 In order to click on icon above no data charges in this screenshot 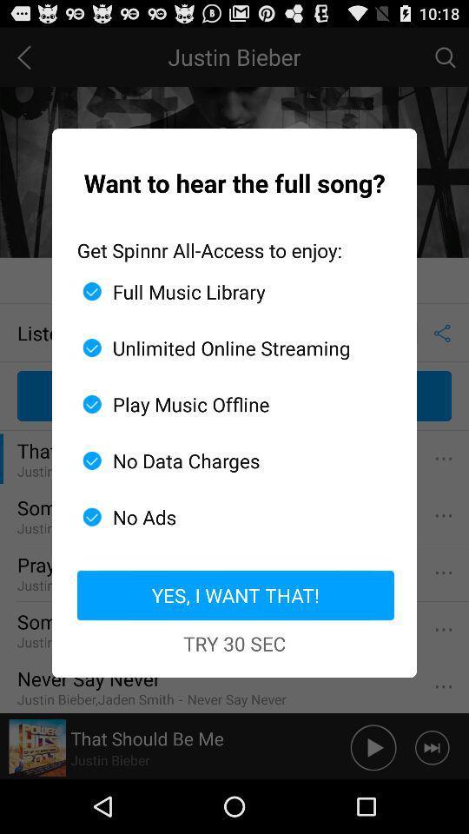, I will do `click(228, 404)`.